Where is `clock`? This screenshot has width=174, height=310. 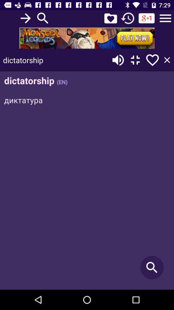 clock is located at coordinates (128, 18).